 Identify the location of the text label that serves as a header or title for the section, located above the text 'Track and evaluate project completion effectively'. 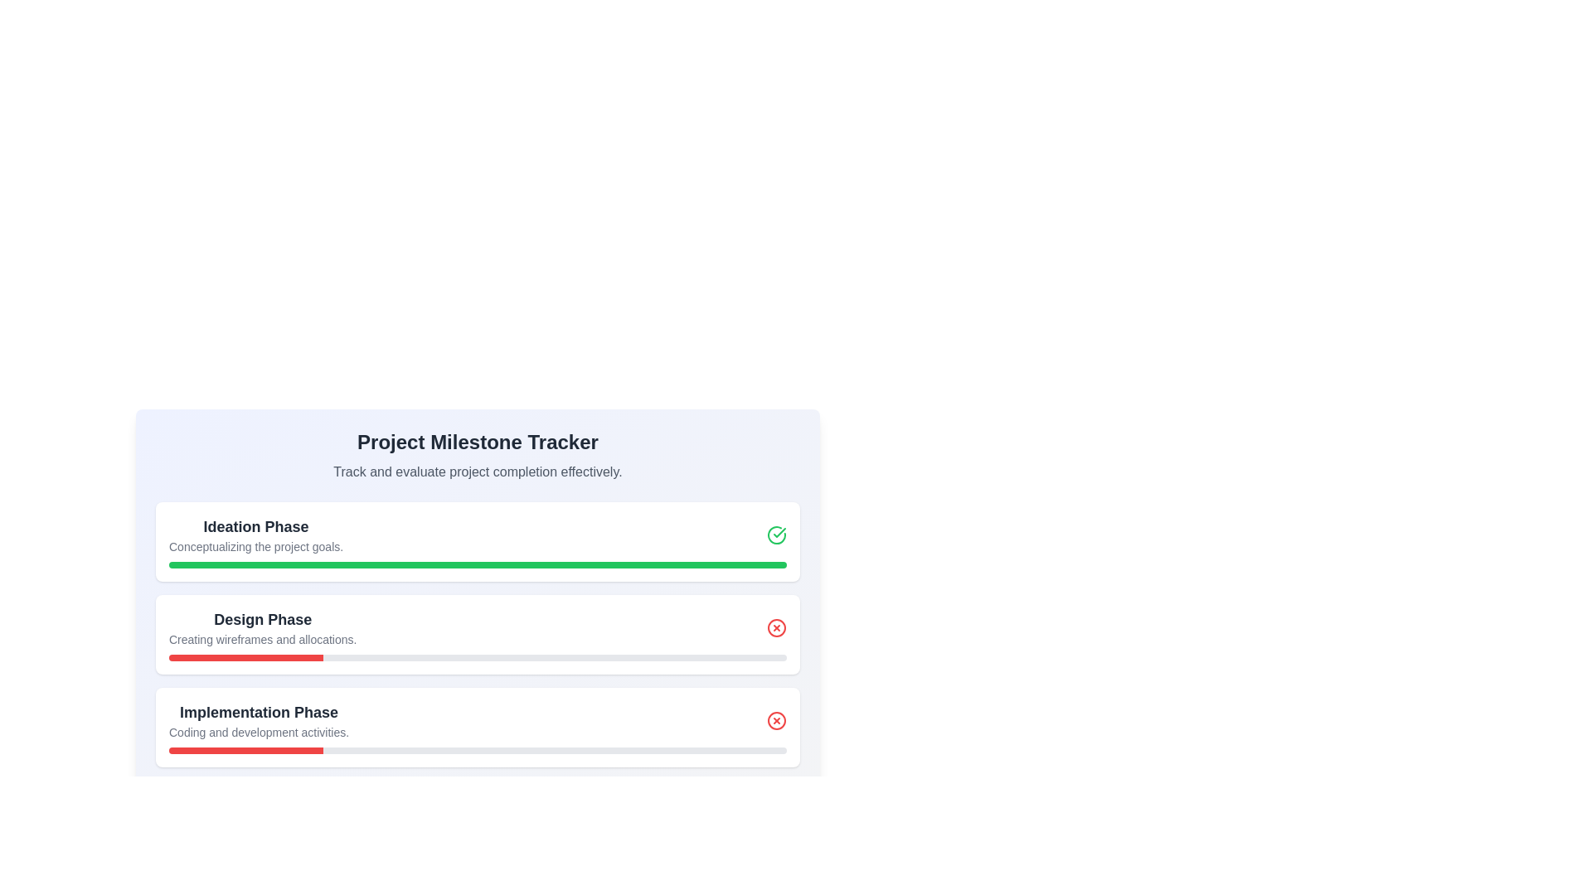
(477, 441).